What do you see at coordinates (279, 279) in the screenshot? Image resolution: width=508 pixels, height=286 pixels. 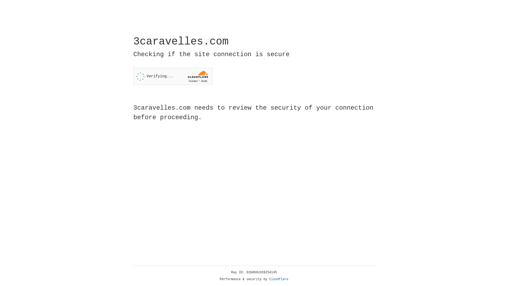 I see `'Cloudflare'` at bounding box center [279, 279].